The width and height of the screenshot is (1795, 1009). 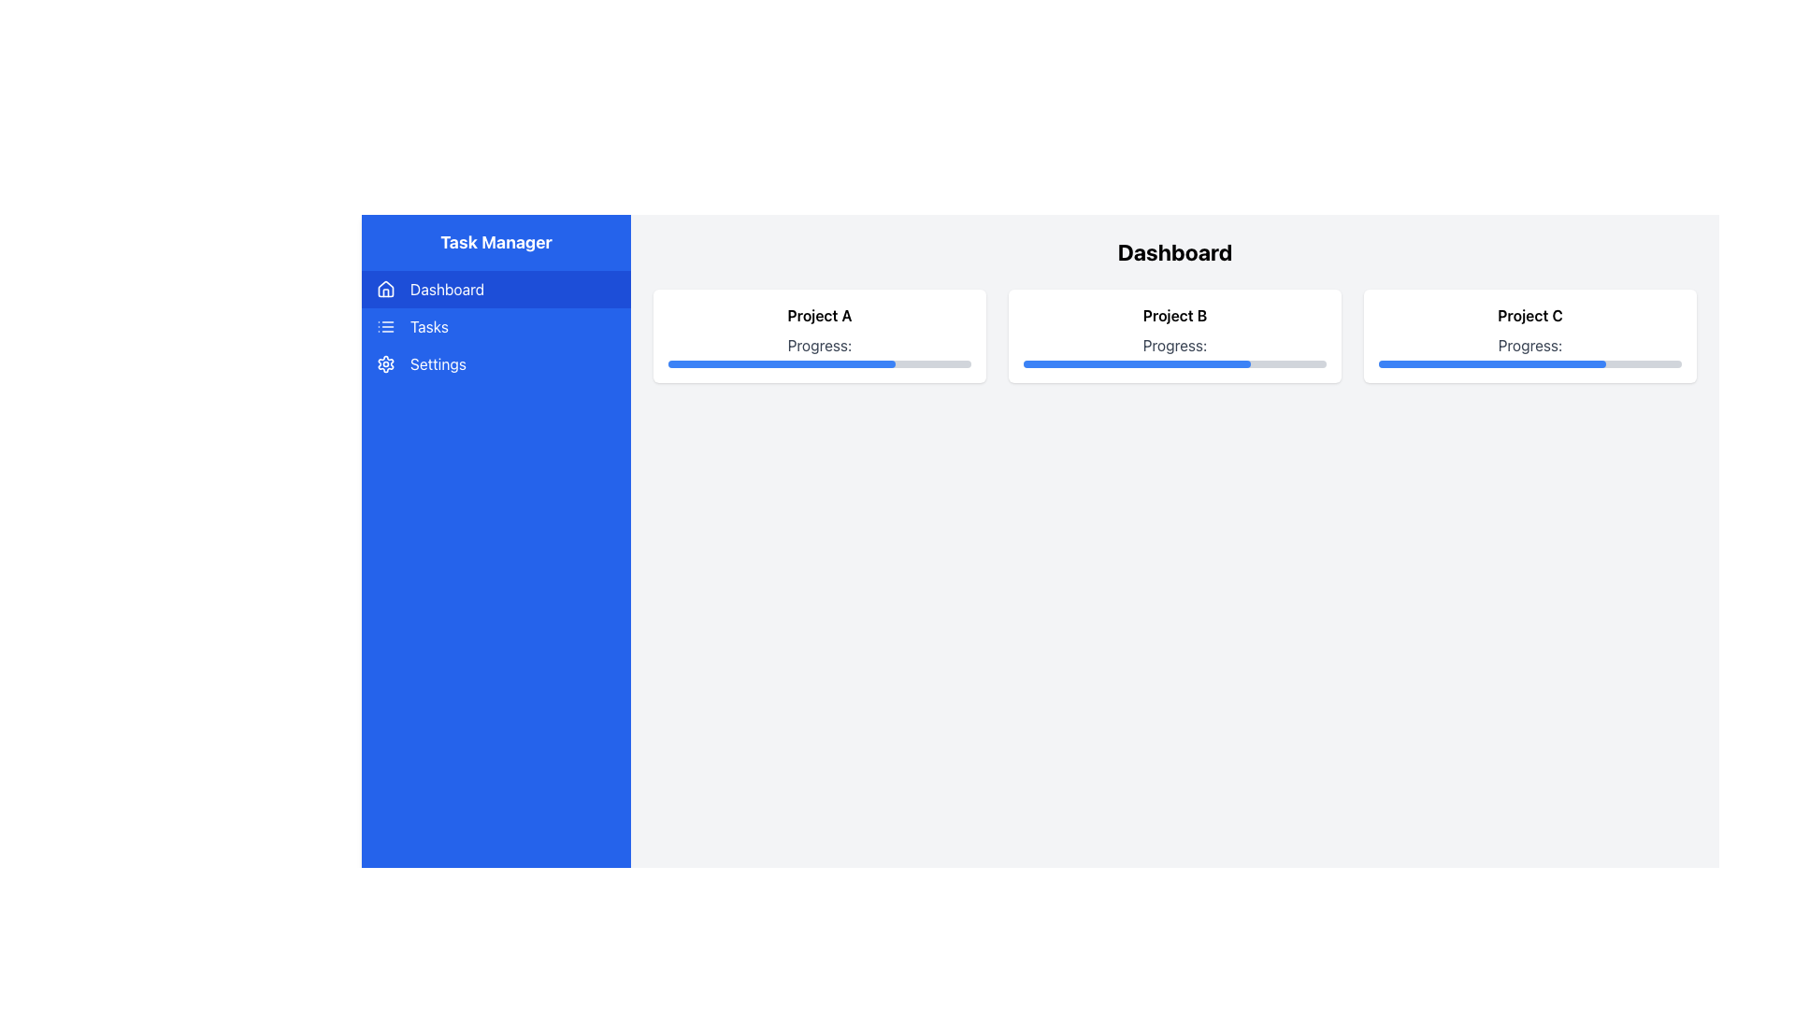 What do you see at coordinates (384, 326) in the screenshot?
I see `the 'Tasks' icon in the sidebar menu, which is represented by three horizontal lines with circular dots aligned vertically next to them` at bounding box center [384, 326].